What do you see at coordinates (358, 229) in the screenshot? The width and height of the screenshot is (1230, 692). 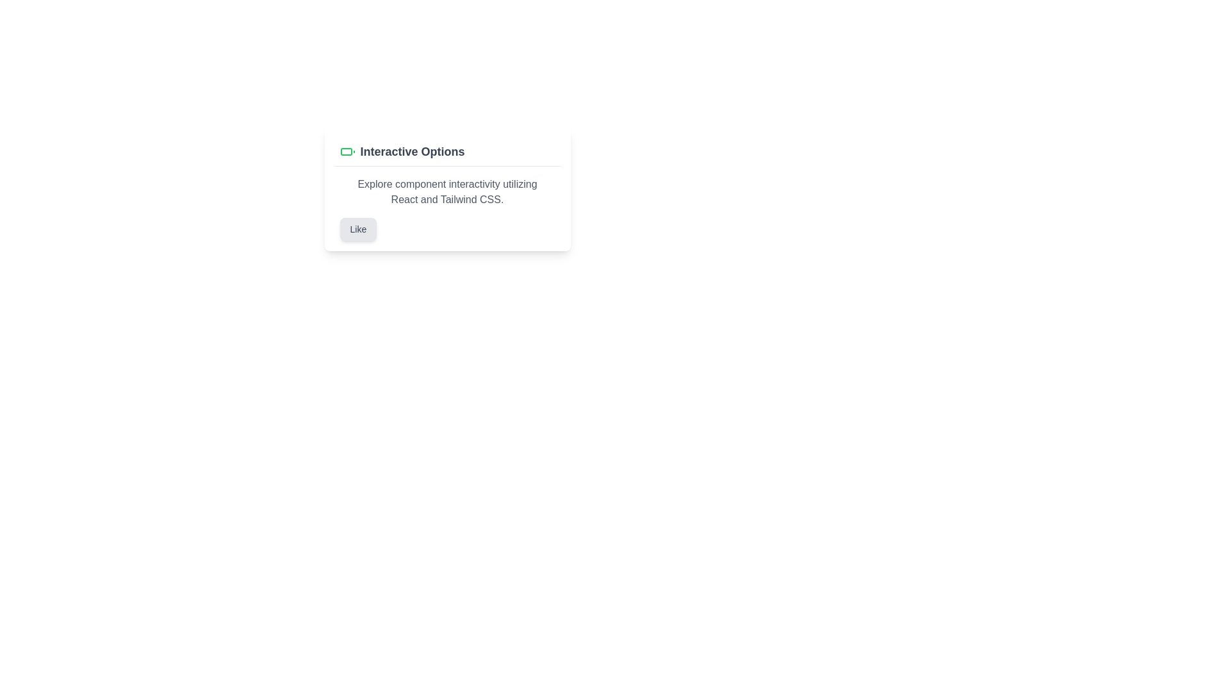 I see `the 'Like' button, which is a rectangular button with rounded corners and a soft gray background` at bounding box center [358, 229].